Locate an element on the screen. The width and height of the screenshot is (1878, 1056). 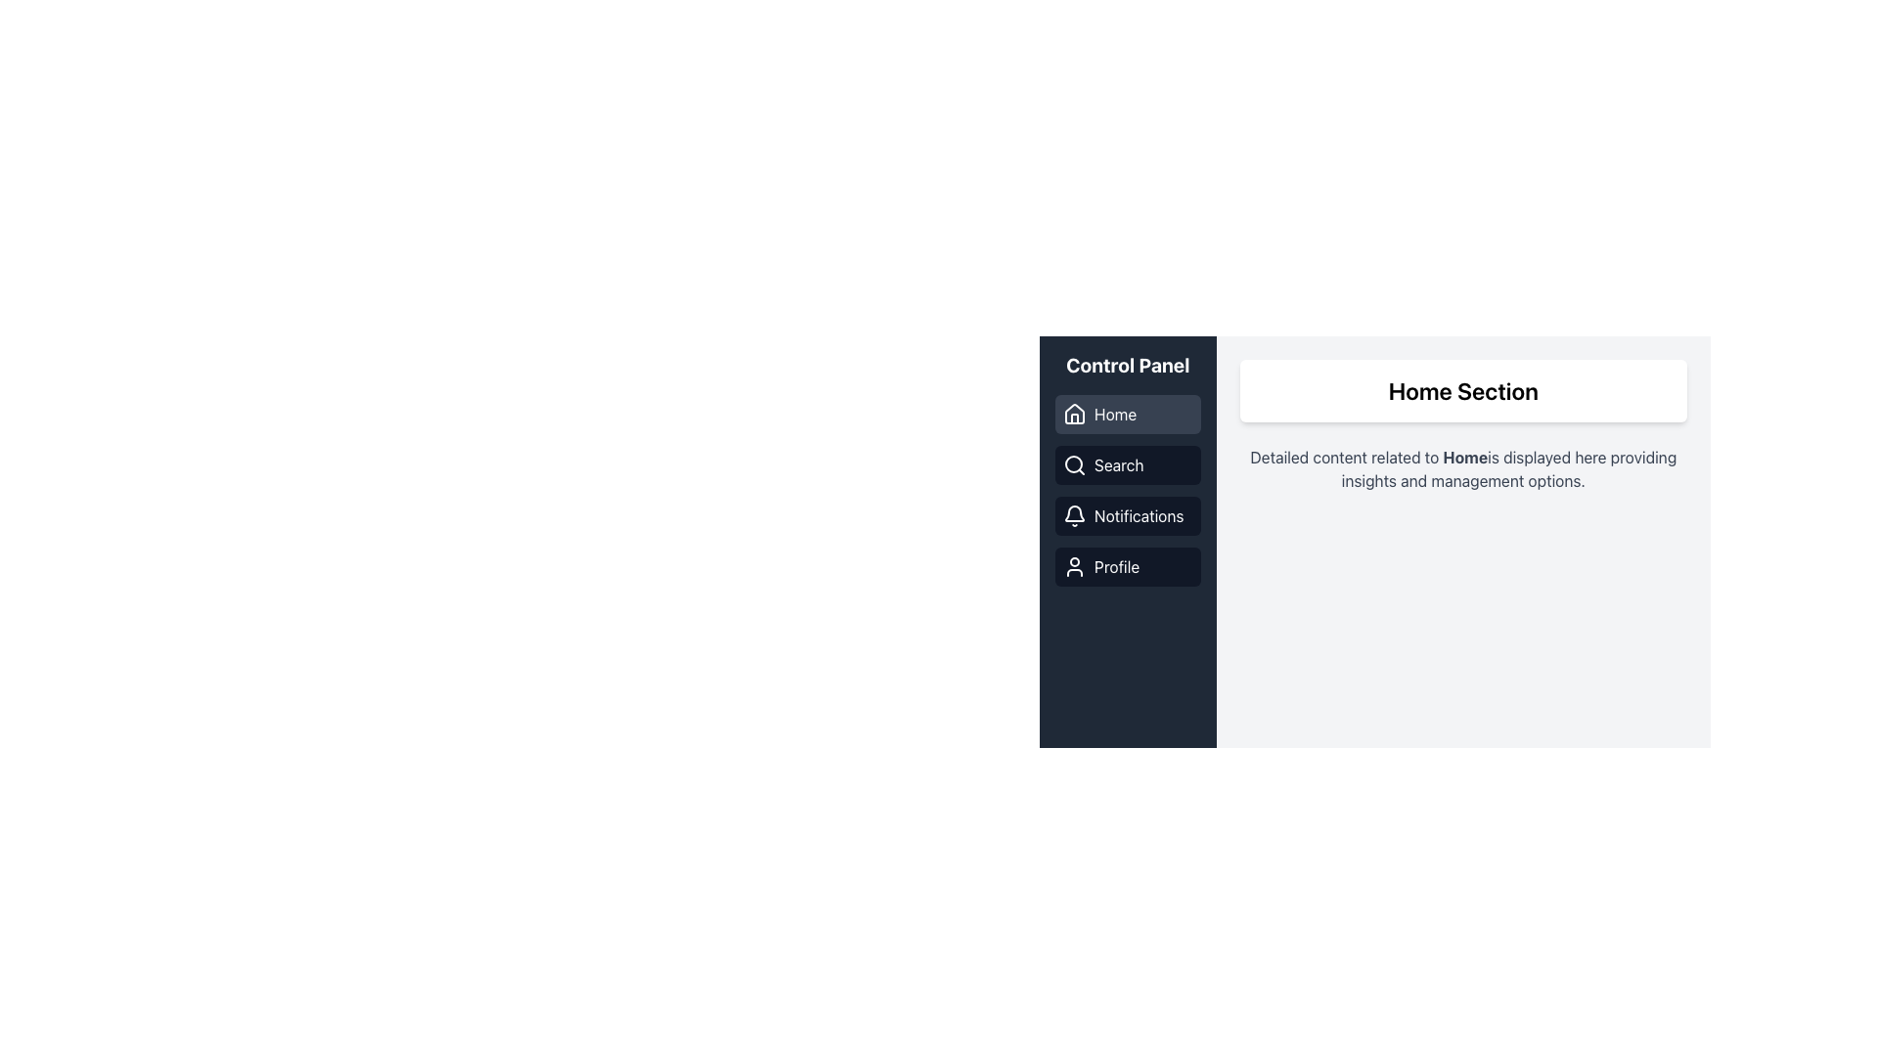
the 'Profile' icon located in the vertical navigation bar, positioned to the left of the 'Profile' text label is located at coordinates (1074, 566).